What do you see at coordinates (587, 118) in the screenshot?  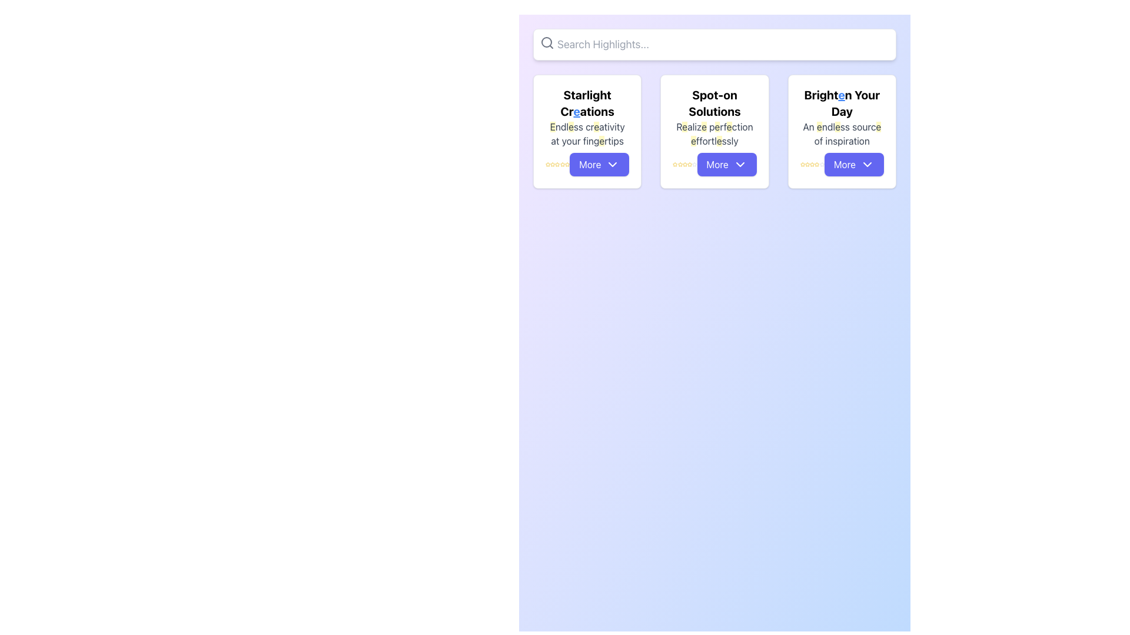 I see `textual content displayed in the text area featuring 'Starlight Creations' and 'Endless creativity at your fingertips' with highlighted words` at bounding box center [587, 118].